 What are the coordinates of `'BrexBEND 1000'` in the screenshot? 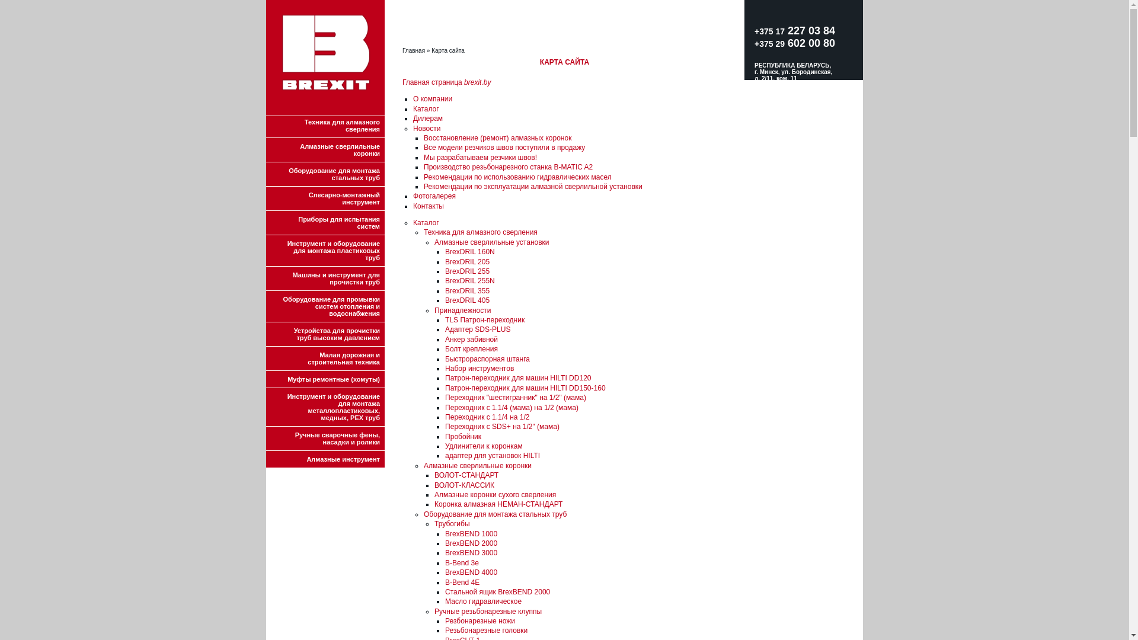 It's located at (471, 534).